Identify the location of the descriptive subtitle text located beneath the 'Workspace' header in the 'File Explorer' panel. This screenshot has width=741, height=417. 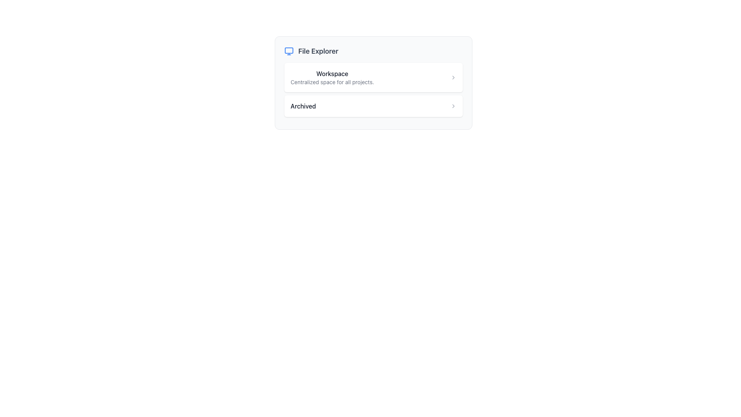
(332, 82).